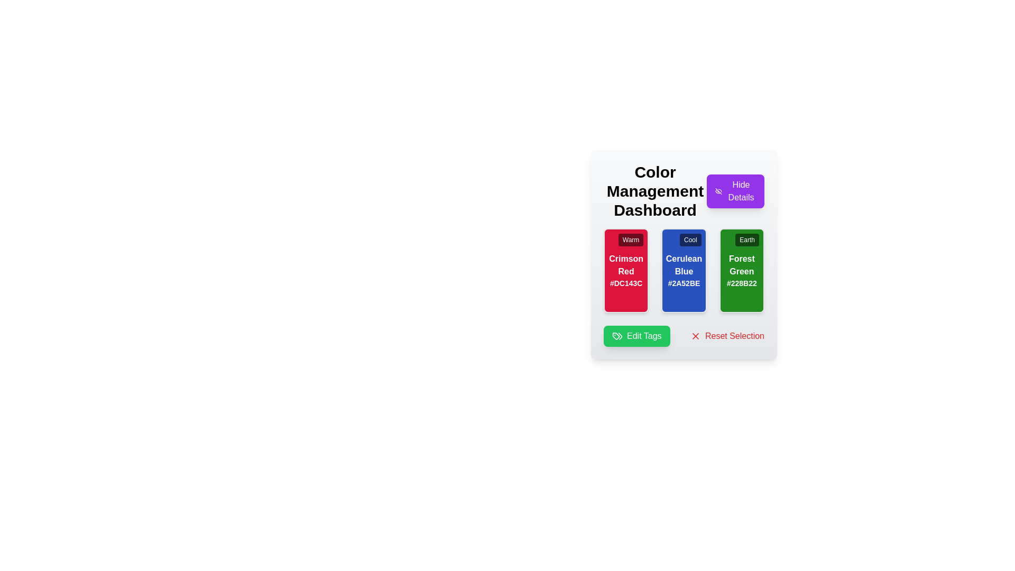  What do you see at coordinates (684, 270) in the screenshot?
I see `information displayed on the color cards in the rectangular grid layout, which includes 'Warm - Crimson Red - #DC143C', 'Cool - Cerulean Blue - #2A52BE', and 'Earth - Forest Green - #228B22'` at bounding box center [684, 270].